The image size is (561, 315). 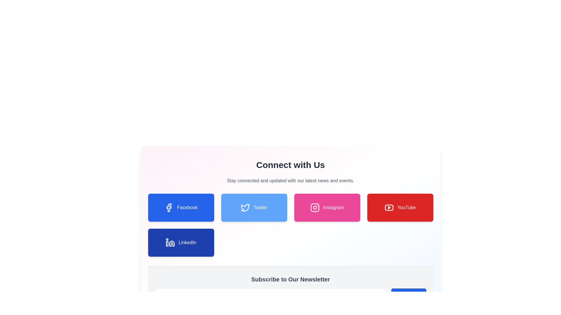 What do you see at coordinates (314, 207) in the screenshot?
I see `the circular graphical feature resembling a camera lens at the center of the Instagram icon, which has a pink background and is labeled 'Instagram'` at bounding box center [314, 207].